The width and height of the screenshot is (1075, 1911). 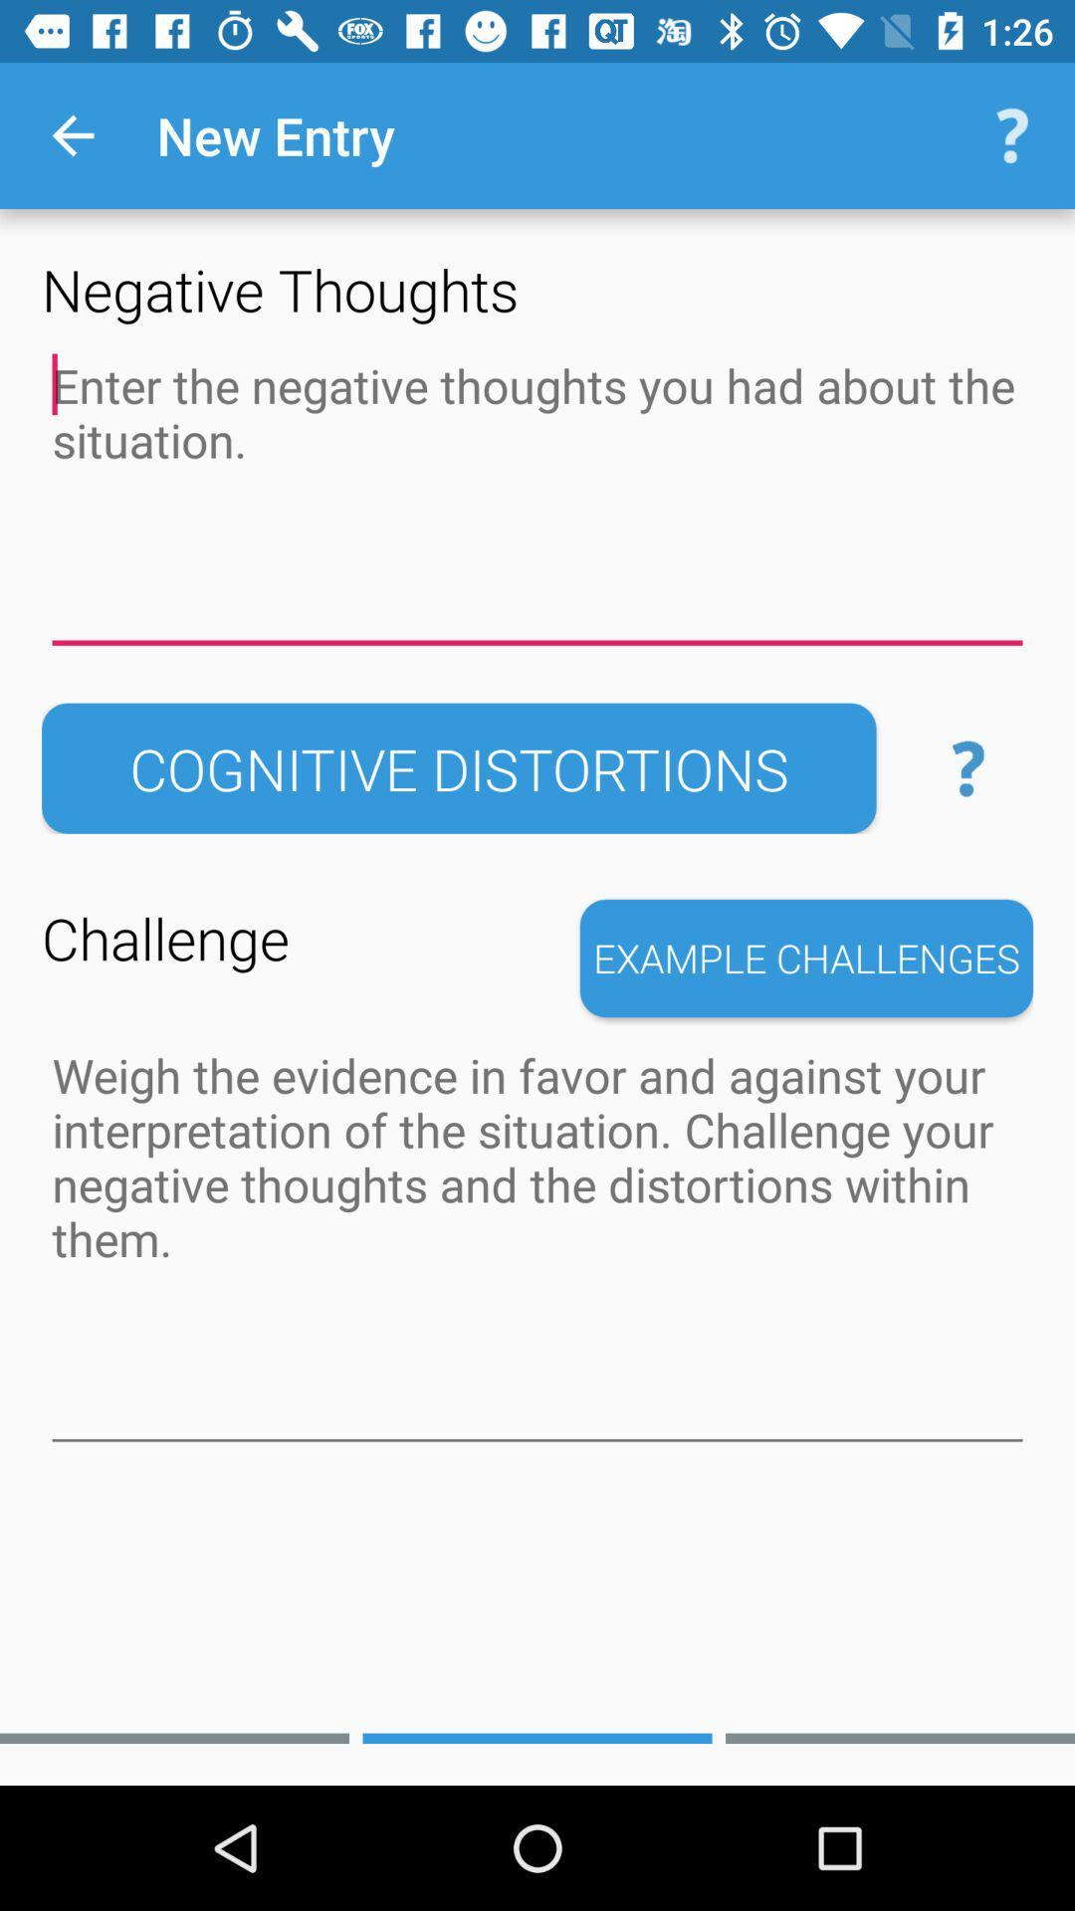 What do you see at coordinates (459, 767) in the screenshot?
I see `the cognitive distortions button` at bounding box center [459, 767].